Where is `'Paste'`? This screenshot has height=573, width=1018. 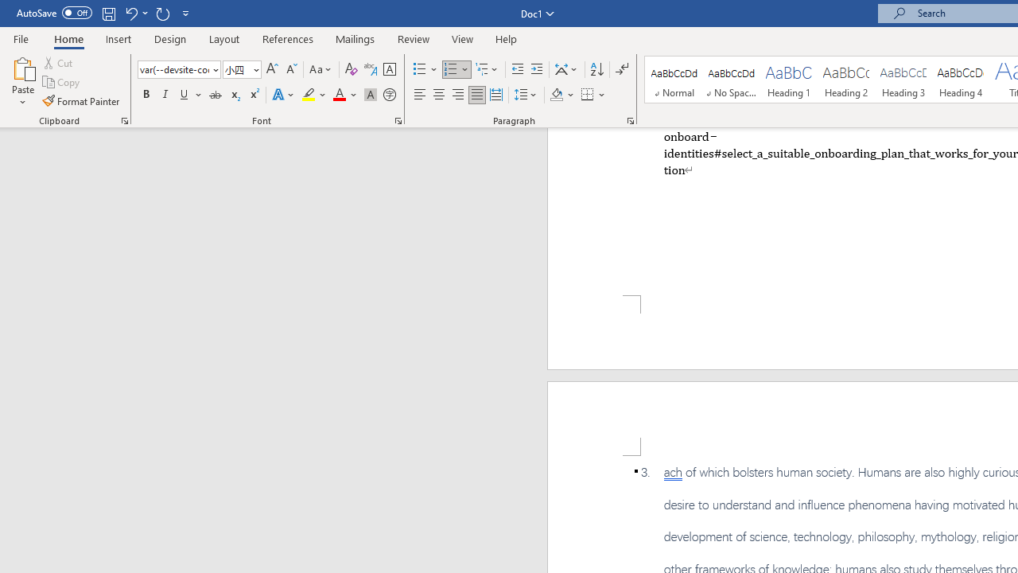
'Paste' is located at coordinates (22, 67).